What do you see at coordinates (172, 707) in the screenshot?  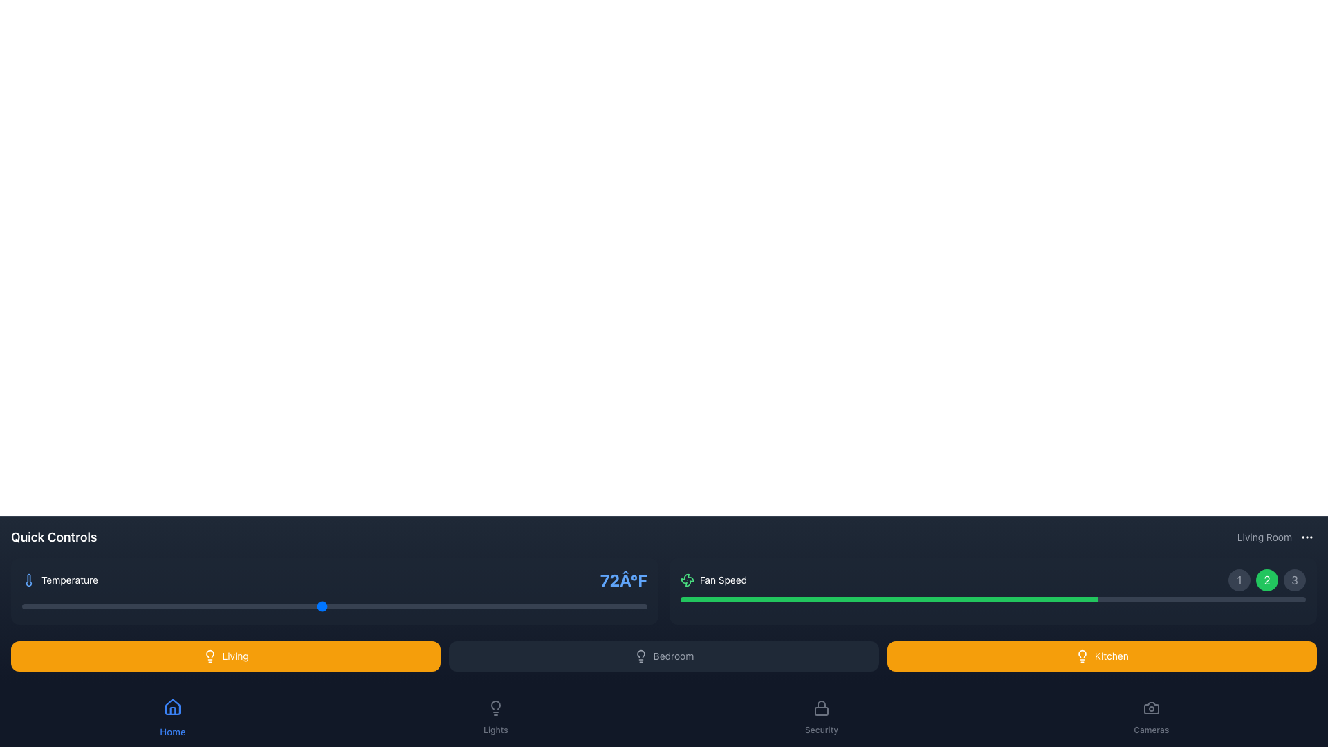 I see `the 'Home' navigation icon located at the bottom left corner of the application` at bounding box center [172, 707].